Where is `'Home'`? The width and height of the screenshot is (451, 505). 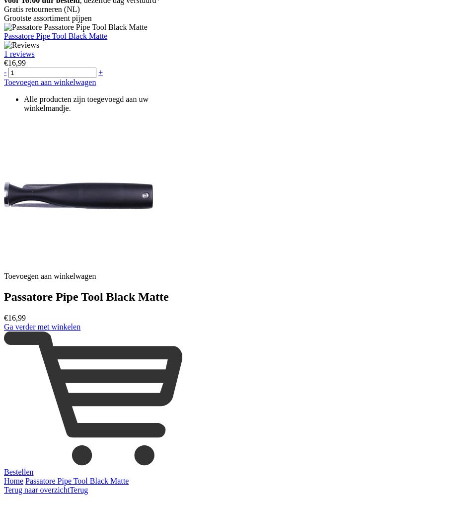 'Home' is located at coordinates (13, 480).